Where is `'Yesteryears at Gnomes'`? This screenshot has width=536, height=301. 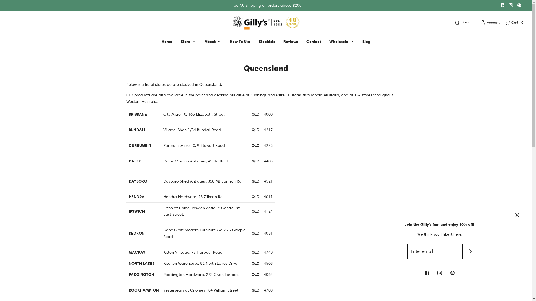
'Yesteryears at Gnomes' is located at coordinates (163, 290).